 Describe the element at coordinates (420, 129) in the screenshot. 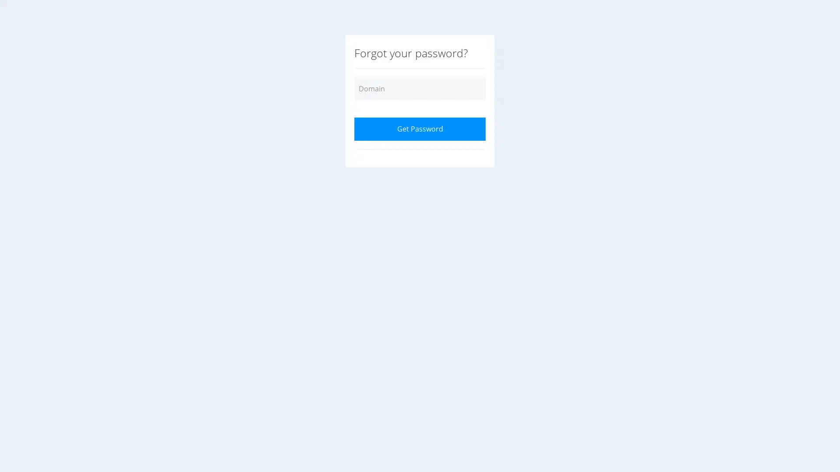

I see `Get Password` at that location.